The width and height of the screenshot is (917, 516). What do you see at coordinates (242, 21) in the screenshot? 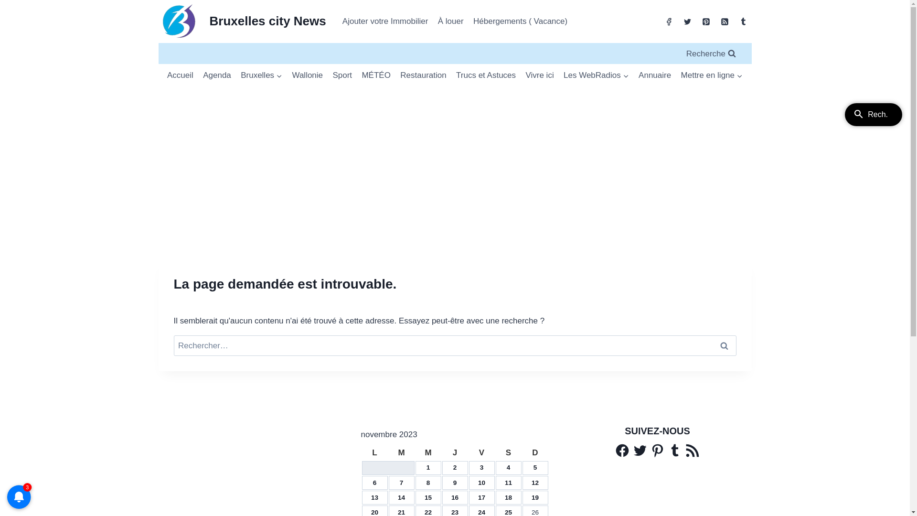
I see `'Bruxelles city News'` at bounding box center [242, 21].